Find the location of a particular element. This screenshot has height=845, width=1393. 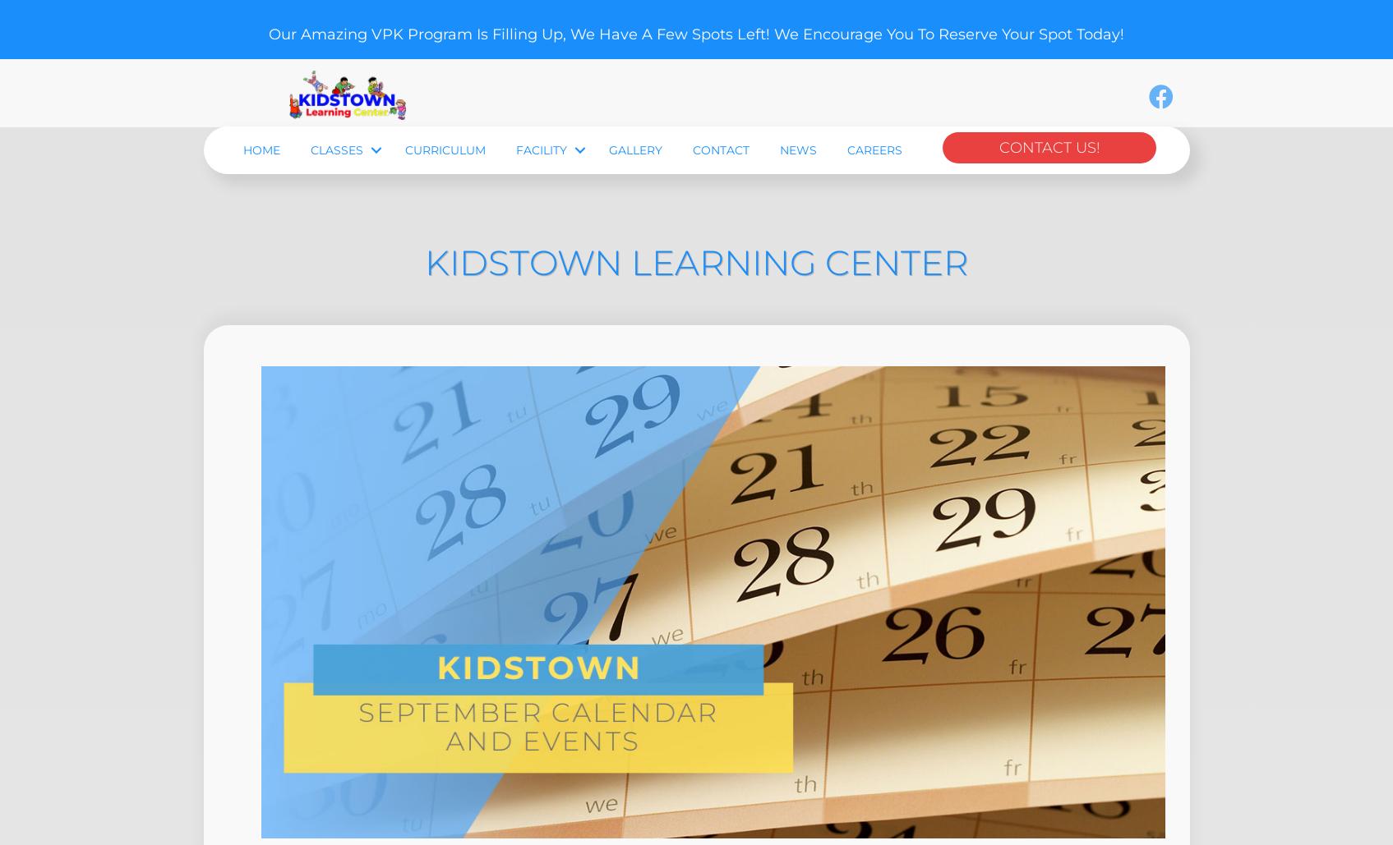

'Careers' is located at coordinates (874, 243).